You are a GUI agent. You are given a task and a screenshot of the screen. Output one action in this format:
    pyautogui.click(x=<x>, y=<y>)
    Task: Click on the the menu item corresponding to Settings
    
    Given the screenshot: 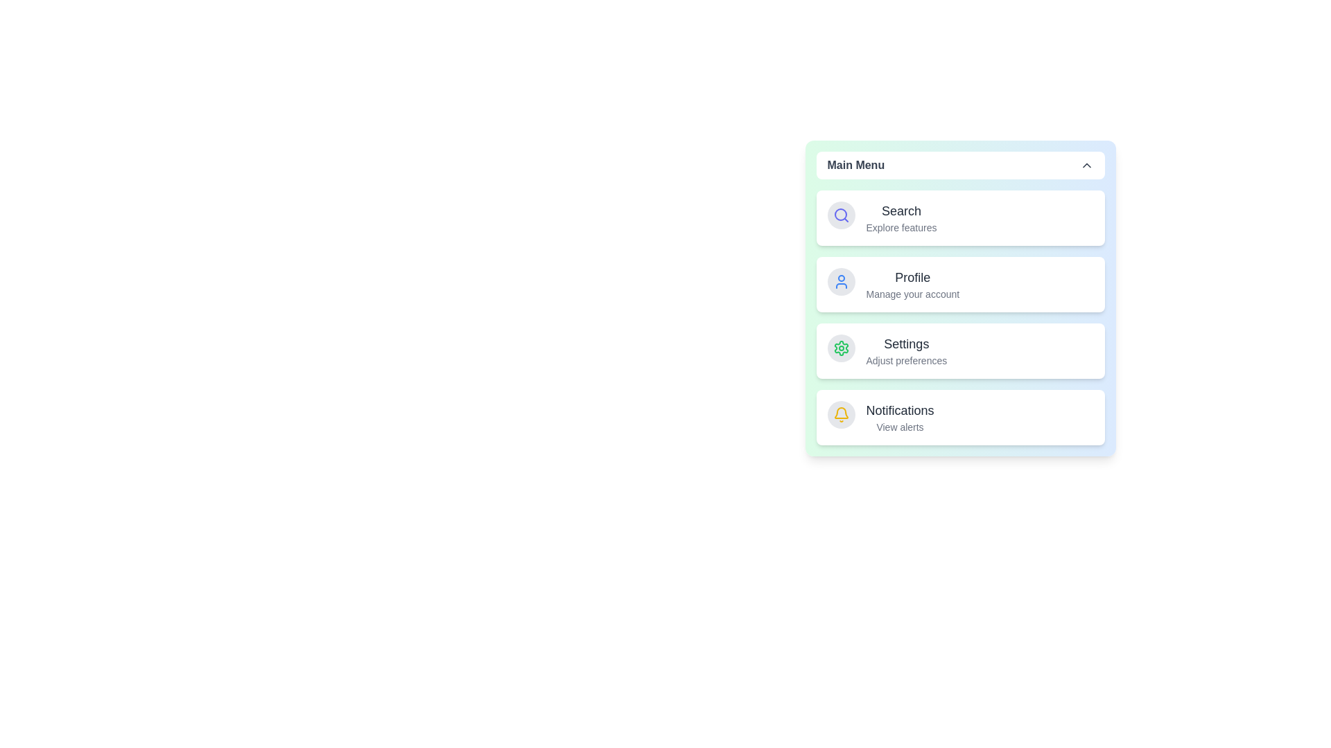 What is the action you would take?
    pyautogui.click(x=959, y=350)
    